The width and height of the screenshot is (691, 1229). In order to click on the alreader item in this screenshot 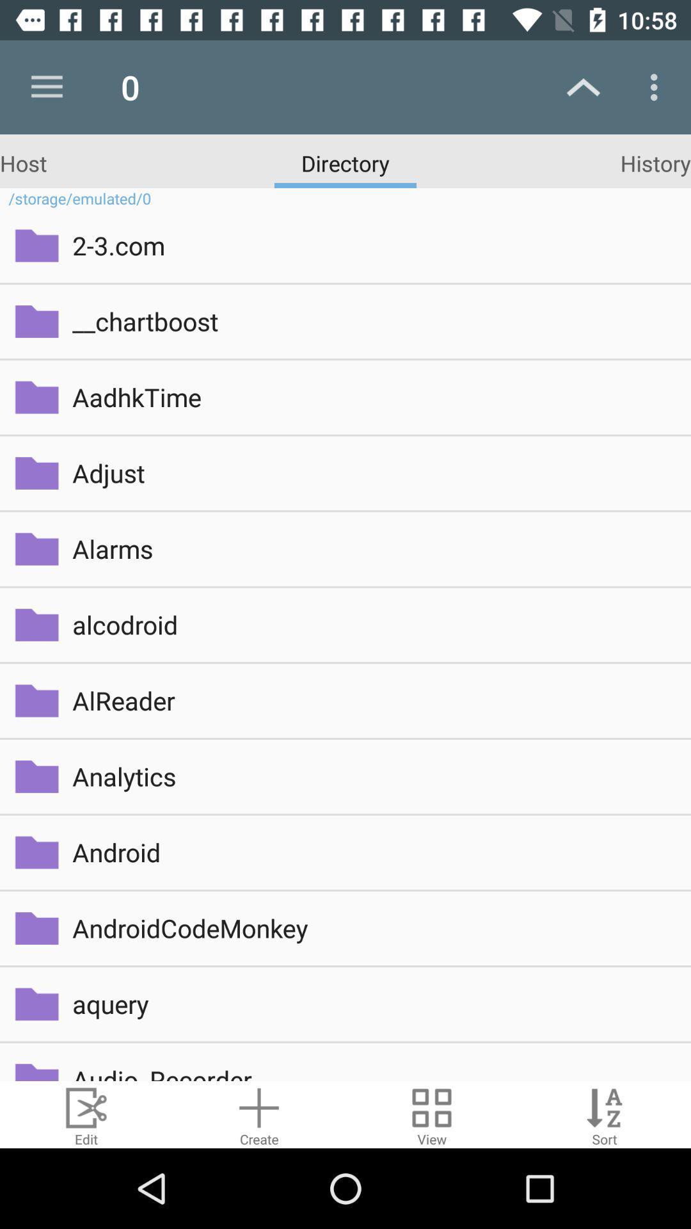, I will do `click(372, 700)`.